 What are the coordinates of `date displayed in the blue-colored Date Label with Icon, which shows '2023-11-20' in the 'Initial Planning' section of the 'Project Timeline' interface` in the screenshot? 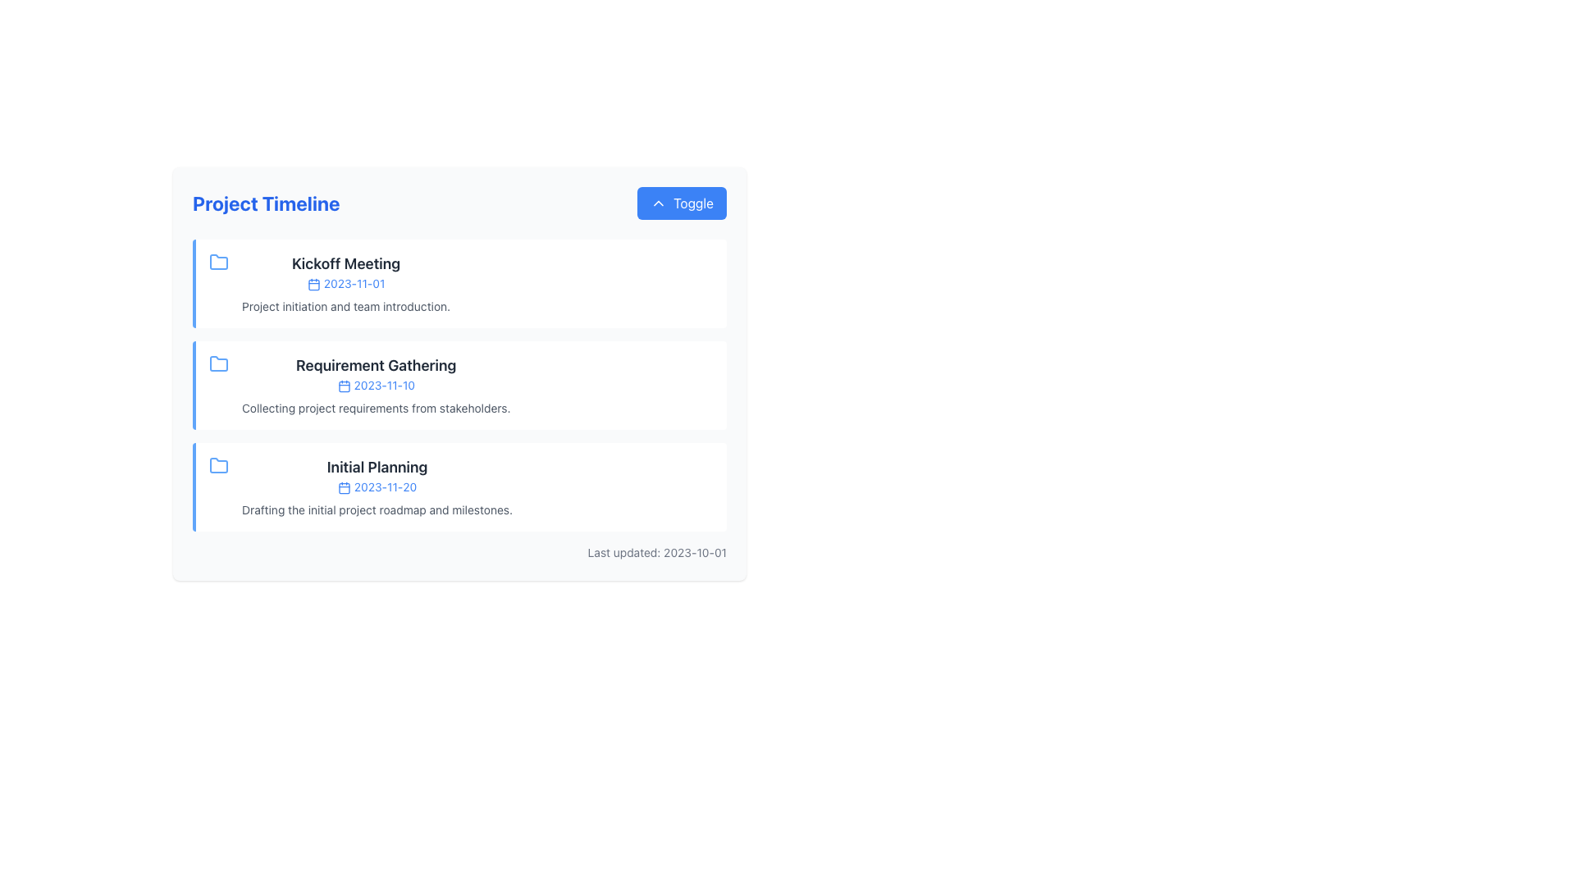 It's located at (377, 486).